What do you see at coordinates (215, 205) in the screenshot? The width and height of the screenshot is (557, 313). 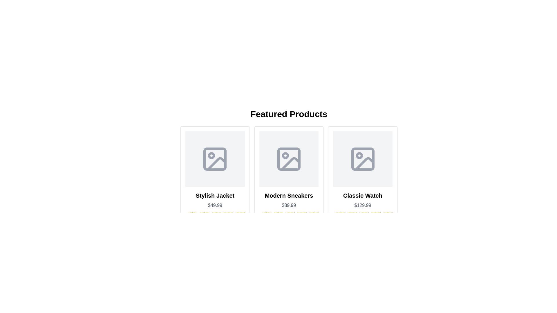 I see `the text displaying the price '$49.99' in gray color, located directly below the heading 'Stylish Jacket' in the first product card` at bounding box center [215, 205].